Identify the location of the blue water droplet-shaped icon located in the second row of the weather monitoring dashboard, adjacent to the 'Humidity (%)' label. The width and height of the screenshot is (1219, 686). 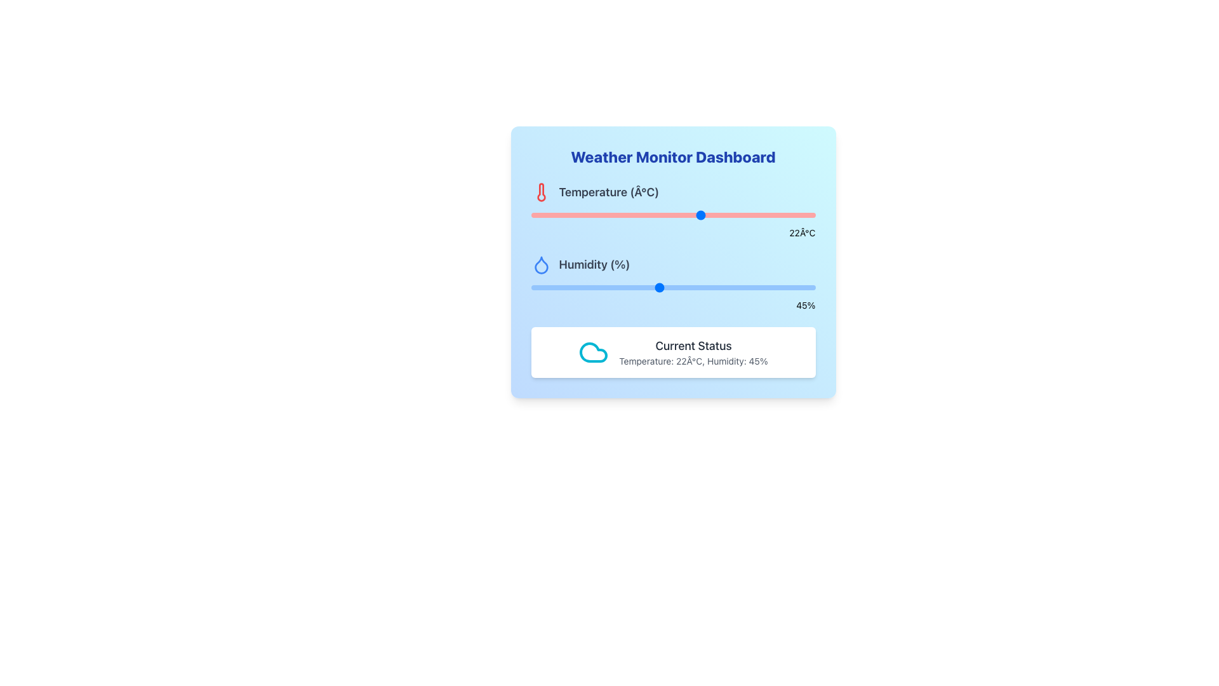
(541, 264).